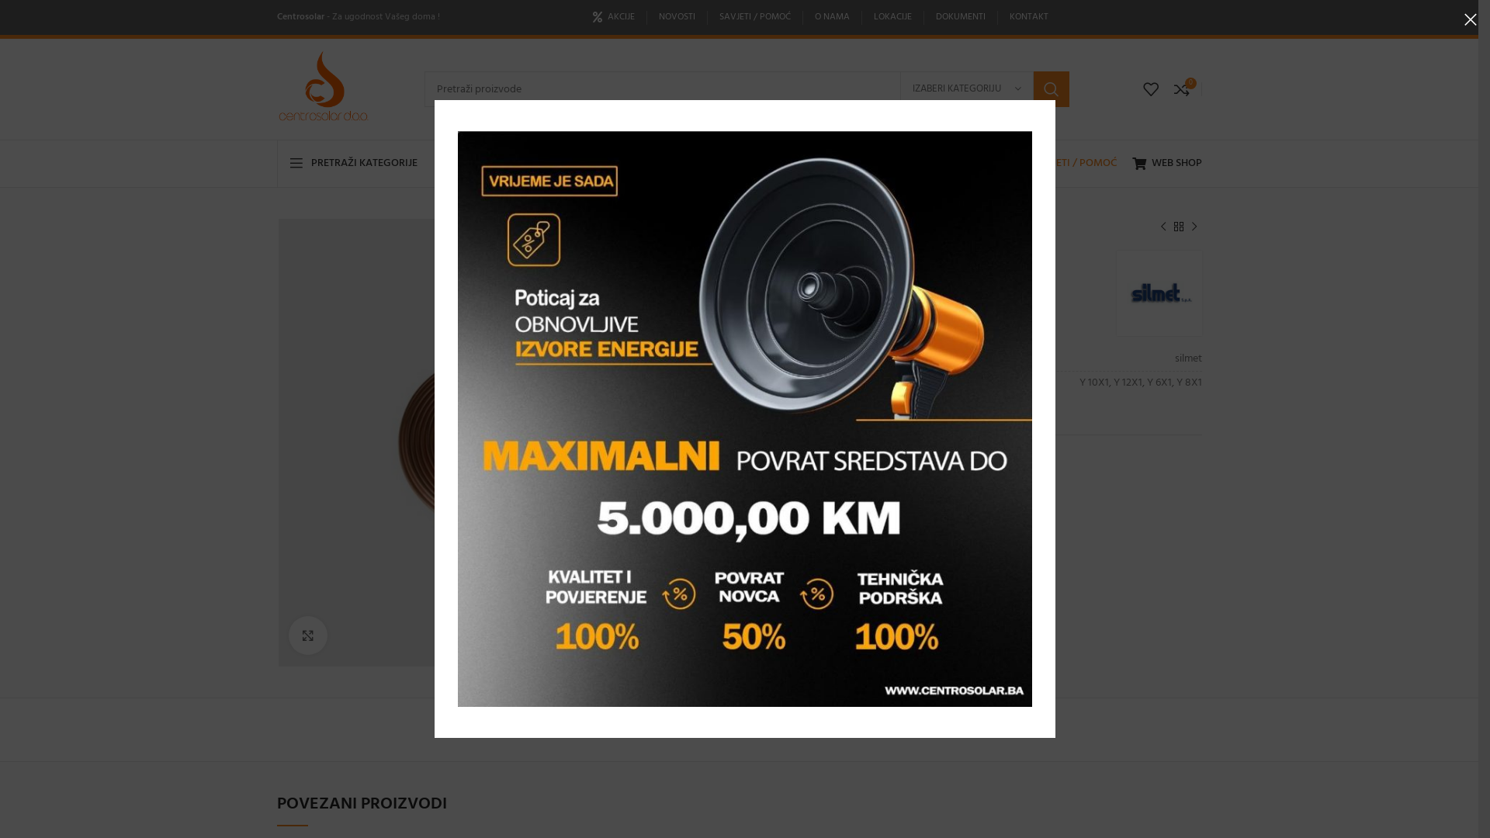 This screenshot has width=1490, height=838. I want to click on 'SEARCH', so click(1051, 89).